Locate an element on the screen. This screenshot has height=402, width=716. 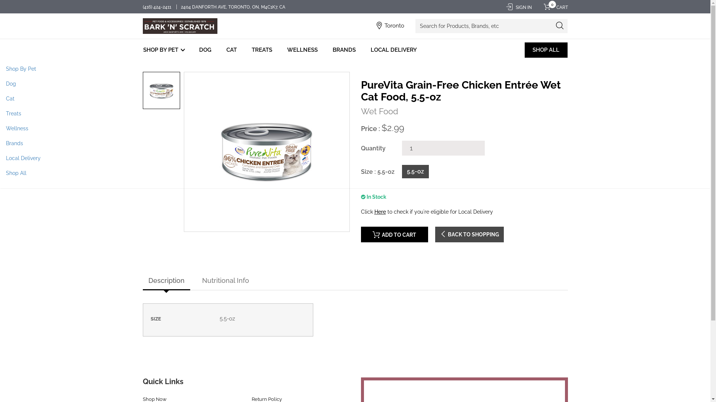
'(416) 424-2411' is located at coordinates (157, 7).